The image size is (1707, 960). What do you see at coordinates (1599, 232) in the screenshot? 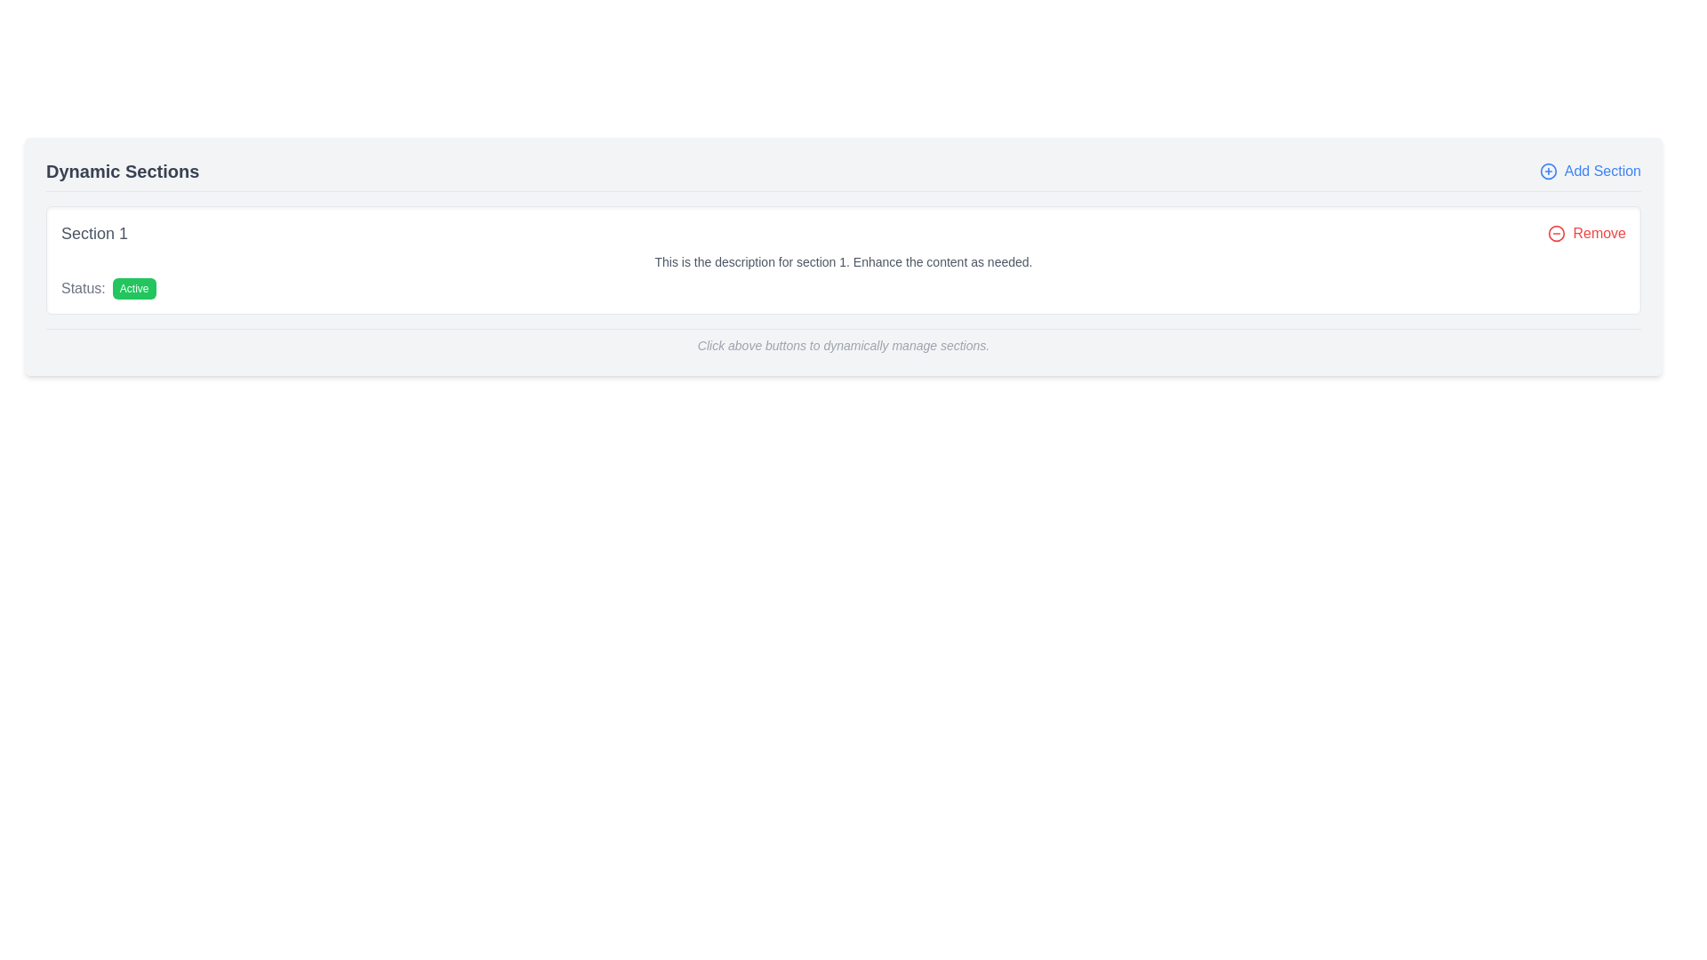
I see `the Text Label that conveys the purpose of a nearby interactive element for a removal action in the section labeled 'Section 1', located towards the top-right of the current section, to the right of a circular icon displaying a minus sign` at bounding box center [1599, 232].